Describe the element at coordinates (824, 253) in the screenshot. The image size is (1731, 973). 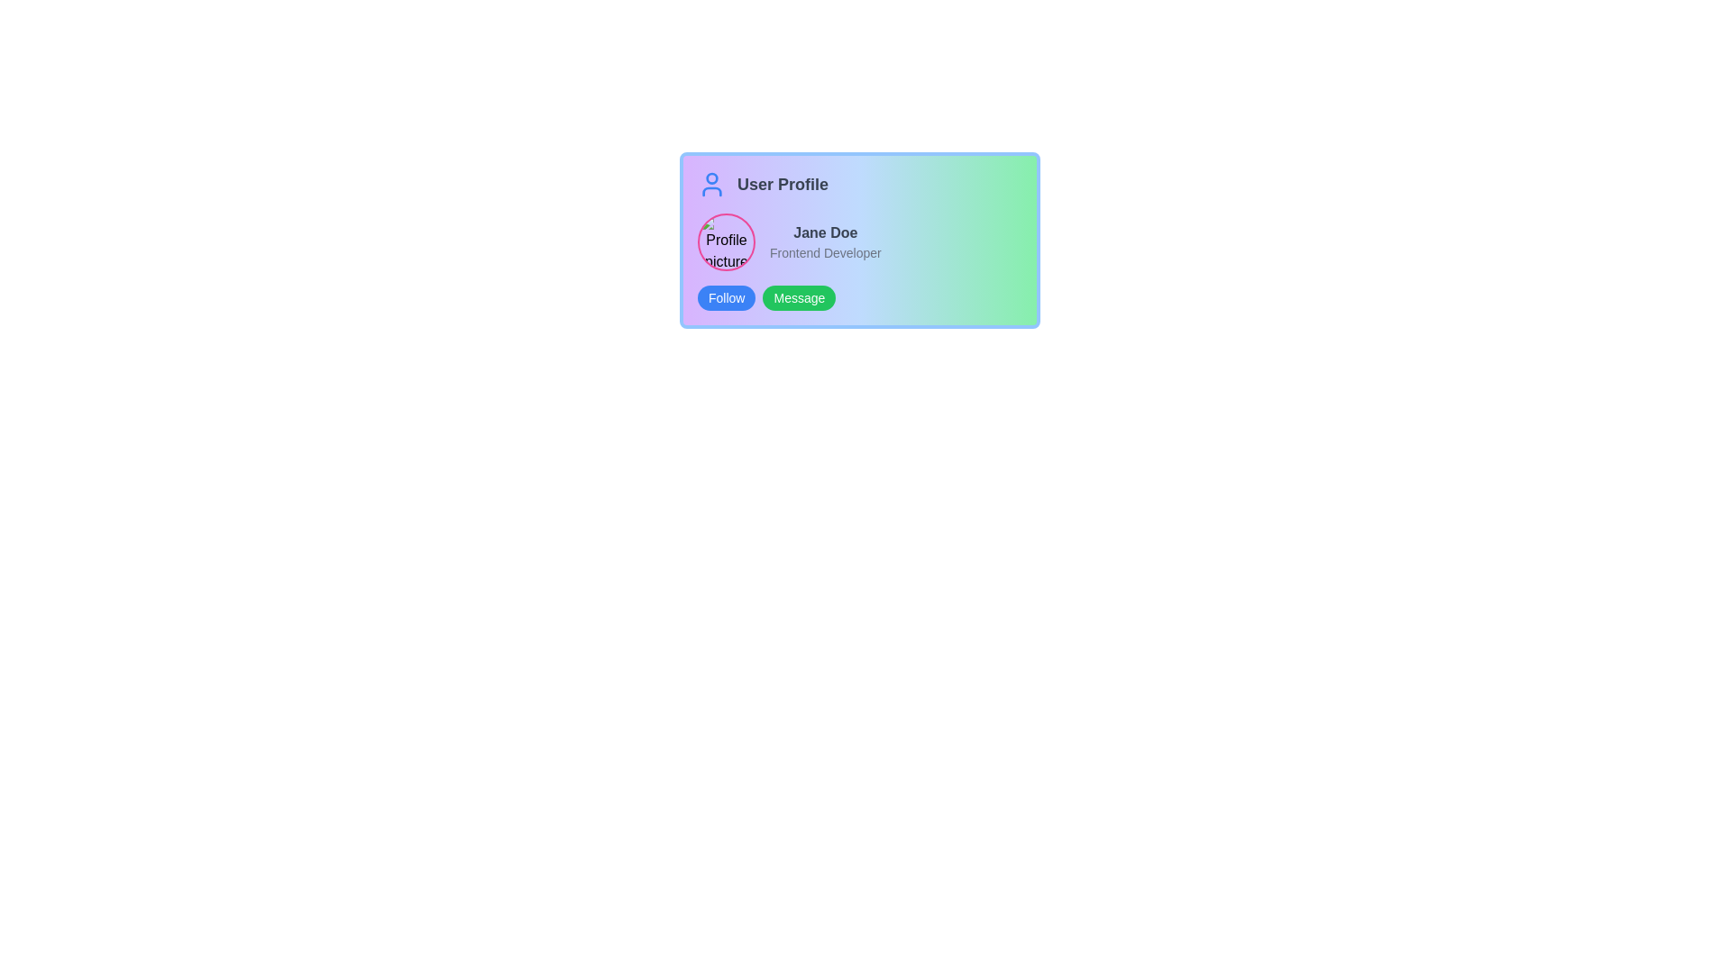
I see `the text label that says 'Frontend Developer' located in the upper-right section of the 'User Profile' UI card` at that location.